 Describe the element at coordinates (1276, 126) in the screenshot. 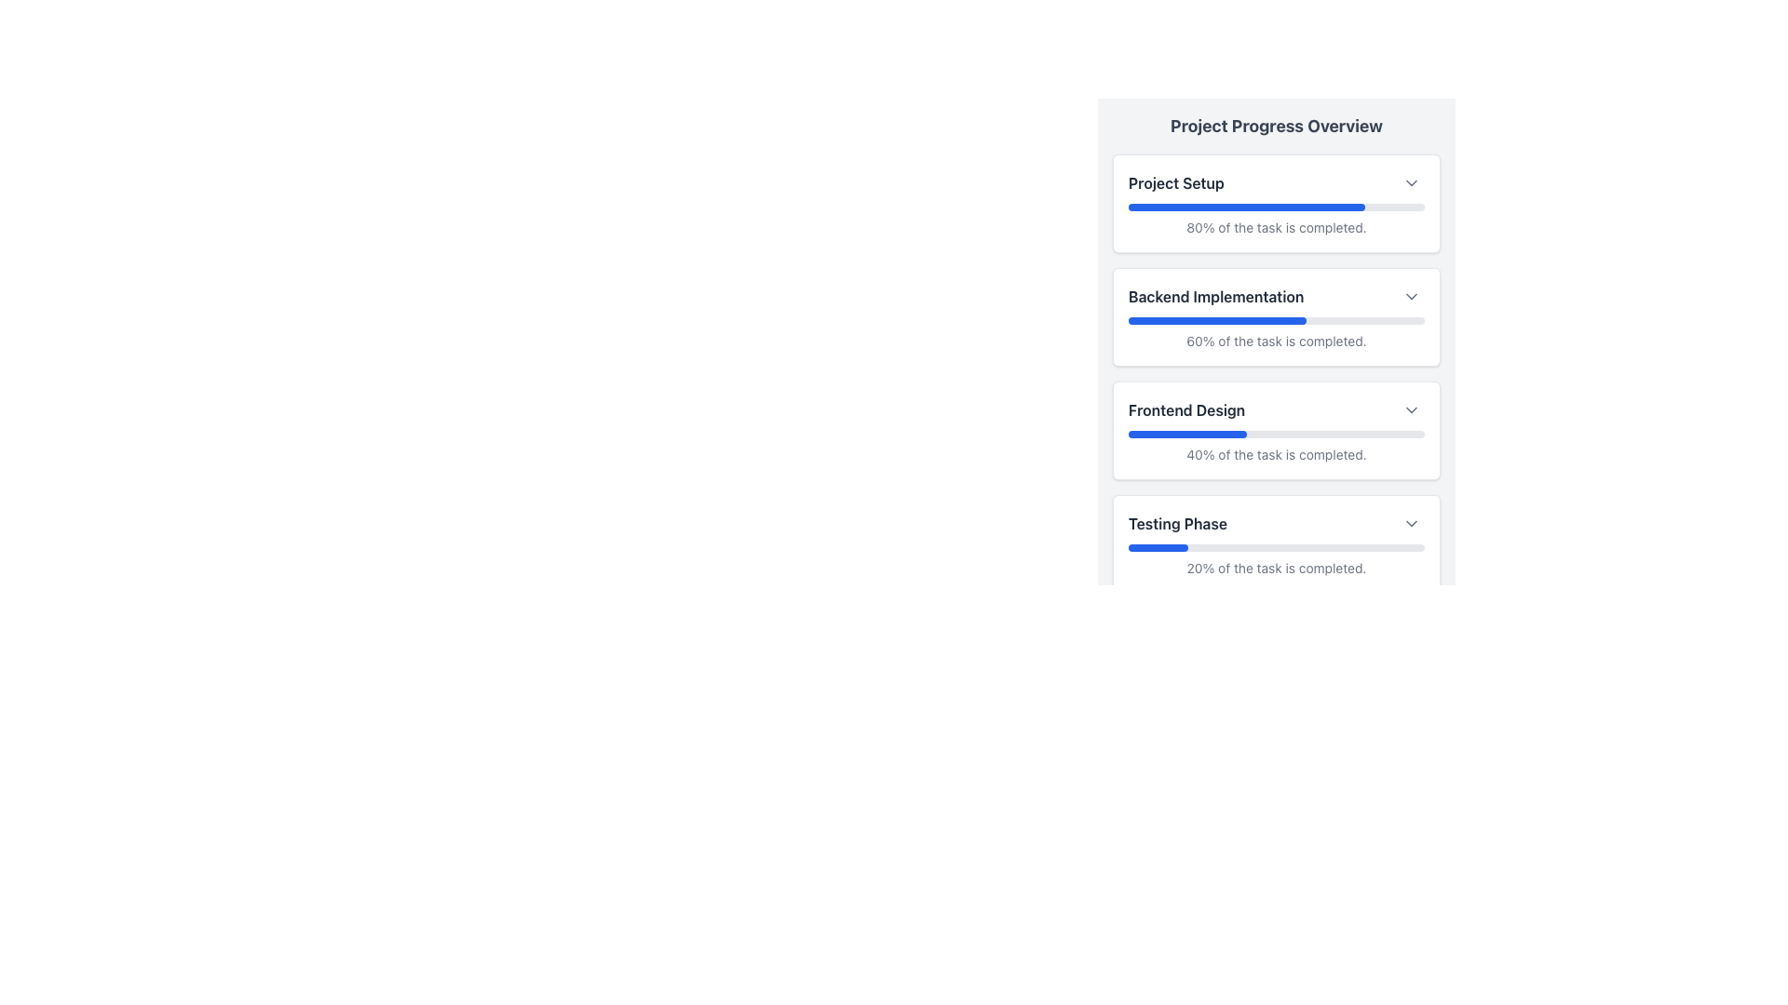

I see `bold text header that says 'Project Progress Overview', which is centrally positioned at the top of the panel displaying progress-related details` at that location.